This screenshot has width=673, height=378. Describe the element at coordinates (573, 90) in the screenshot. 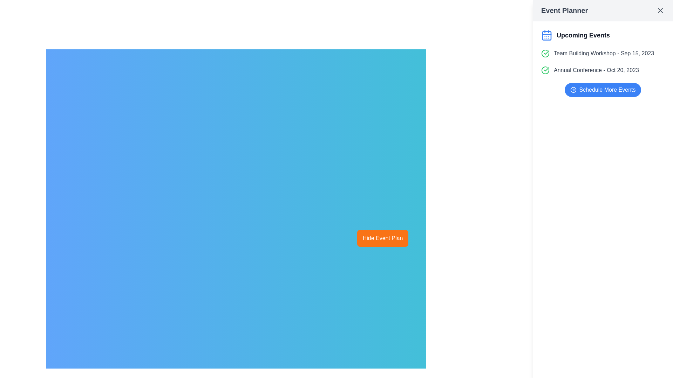

I see `the icon within the button labeled 'Schedule More Events' located` at that location.